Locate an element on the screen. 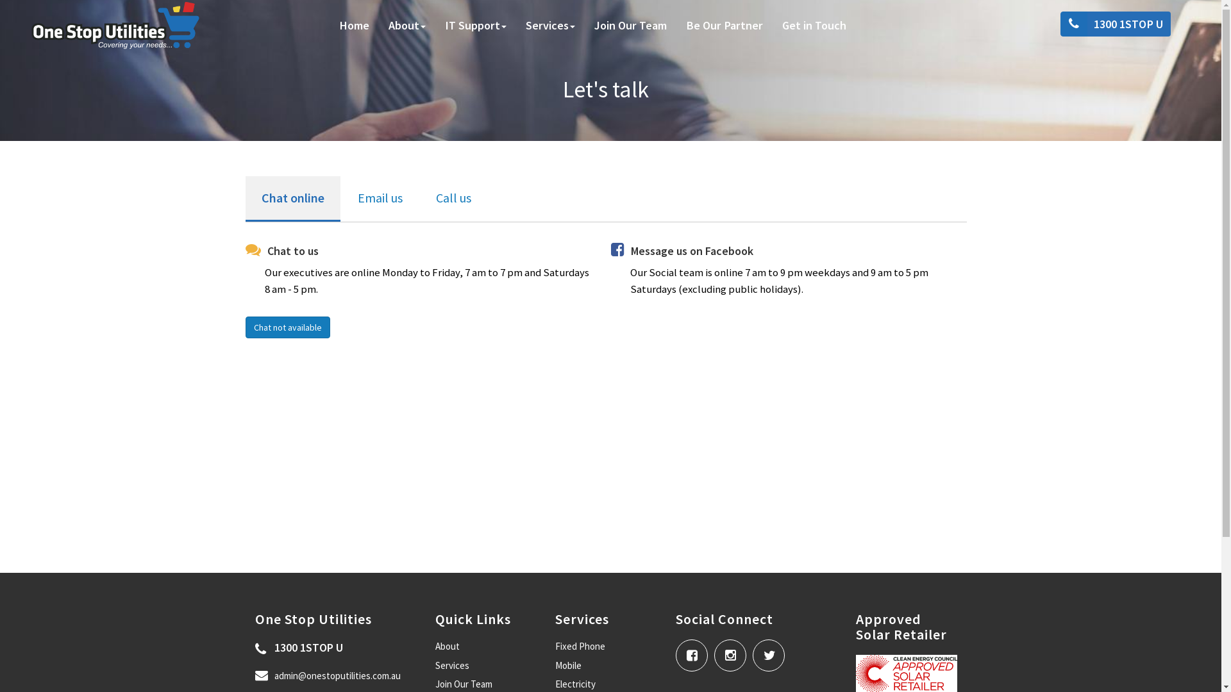 Image resolution: width=1231 pixels, height=692 pixels. 'Call us' is located at coordinates (453, 198).